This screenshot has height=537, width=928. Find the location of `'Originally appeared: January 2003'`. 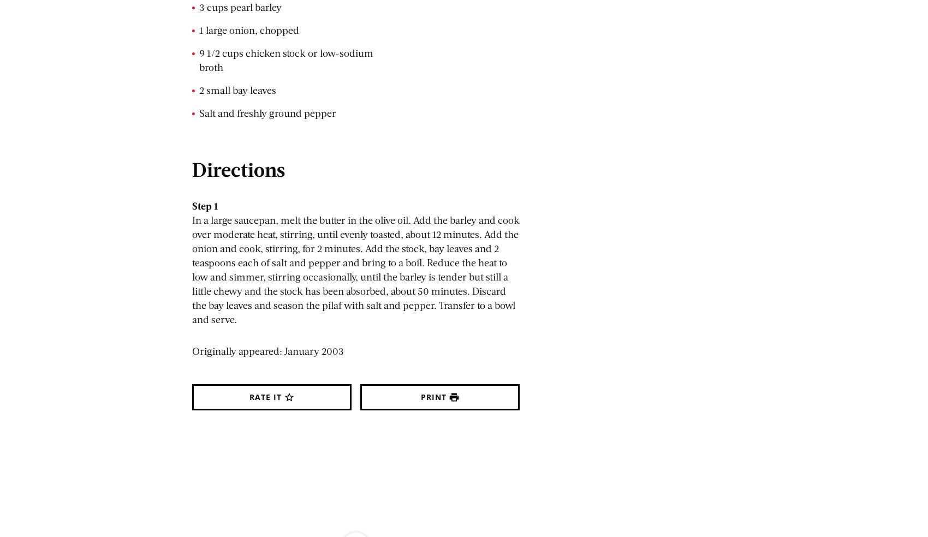

'Originally appeared: January 2003' is located at coordinates (267, 351).